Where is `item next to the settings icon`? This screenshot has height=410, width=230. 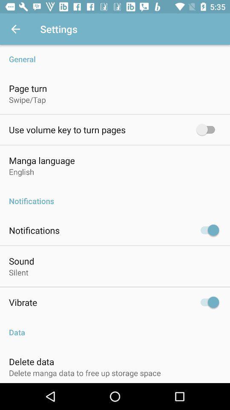
item next to the settings icon is located at coordinates (15, 29).